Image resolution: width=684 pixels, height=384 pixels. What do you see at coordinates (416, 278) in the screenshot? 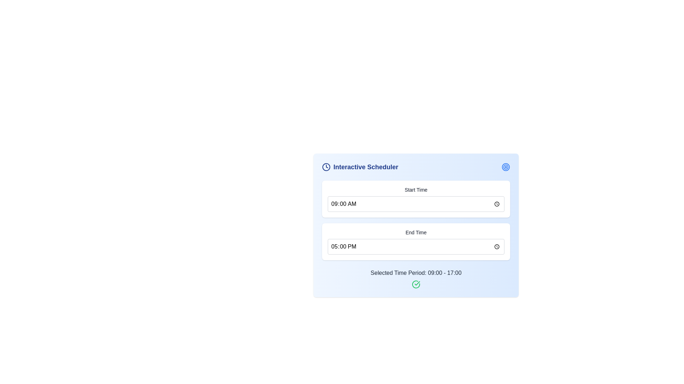
I see `the label with an accompanying icon that displays the selected time period for the scheduler, located at the bottom of the 'Interactive Scheduler' section, directly below 'End Time'` at bounding box center [416, 278].